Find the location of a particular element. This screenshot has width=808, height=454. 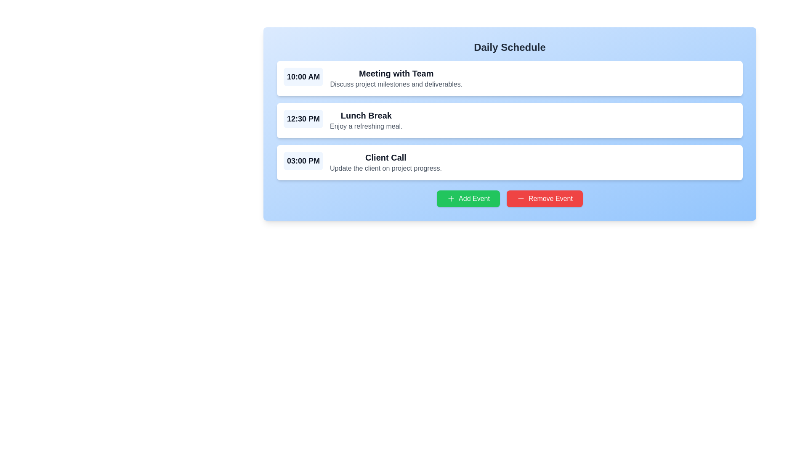

the text element that reads 'Update the client on project progress.' located beneath the title 'Client Call' in the third card of the scheduled events list is located at coordinates (385, 169).